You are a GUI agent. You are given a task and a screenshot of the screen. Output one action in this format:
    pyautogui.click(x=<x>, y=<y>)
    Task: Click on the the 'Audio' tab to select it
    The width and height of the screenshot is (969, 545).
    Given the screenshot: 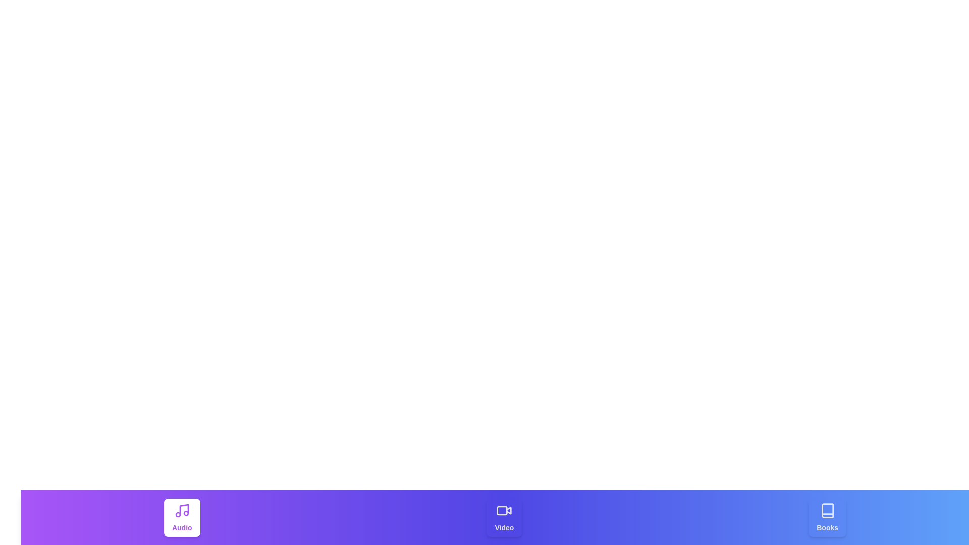 What is the action you would take?
    pyautogui.click(x=182, y=518)
    